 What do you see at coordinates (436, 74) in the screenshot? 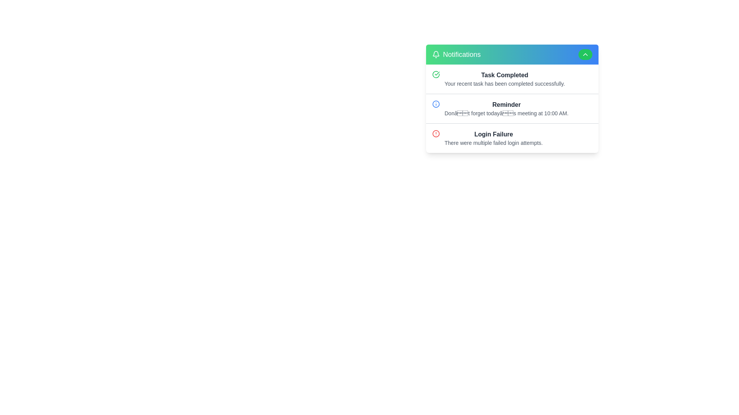
I see `the circular segment of the SVG icon that is part of the notification system, located to the left of the 'Task Completed' text` at bounding box center [436, 74].